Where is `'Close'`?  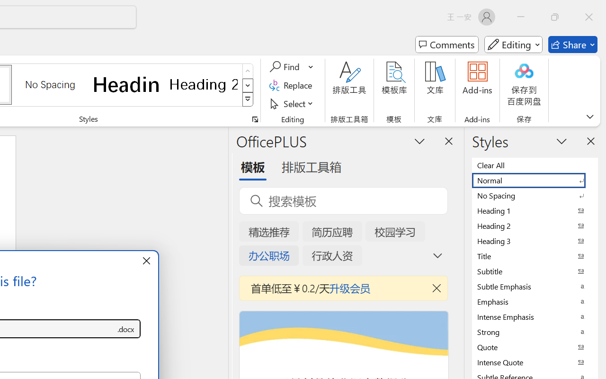 'Close' is located at coordinates (588, 17).